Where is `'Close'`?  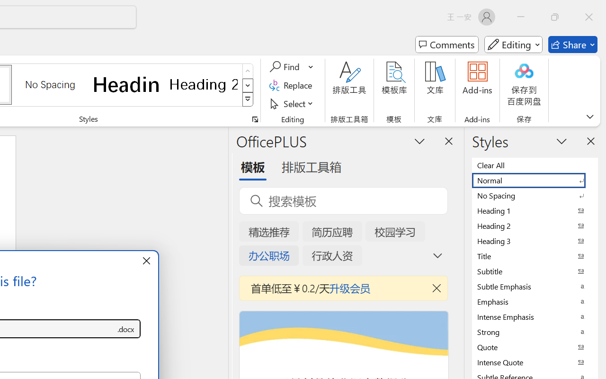 'Close' is located at coordinates (588, 17).